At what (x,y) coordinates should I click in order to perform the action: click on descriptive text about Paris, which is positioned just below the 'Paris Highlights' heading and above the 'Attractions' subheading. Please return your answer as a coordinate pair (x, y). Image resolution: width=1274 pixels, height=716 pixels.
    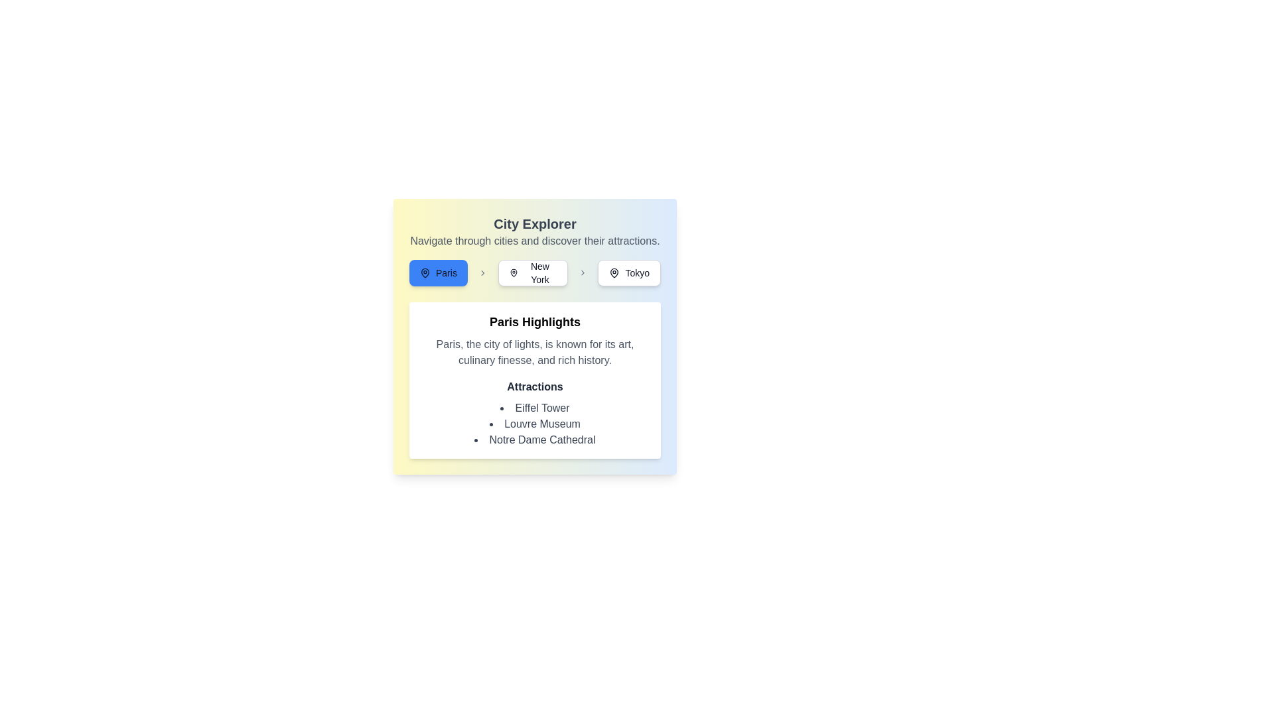
    Looking at the image, I should click on (535, 352).